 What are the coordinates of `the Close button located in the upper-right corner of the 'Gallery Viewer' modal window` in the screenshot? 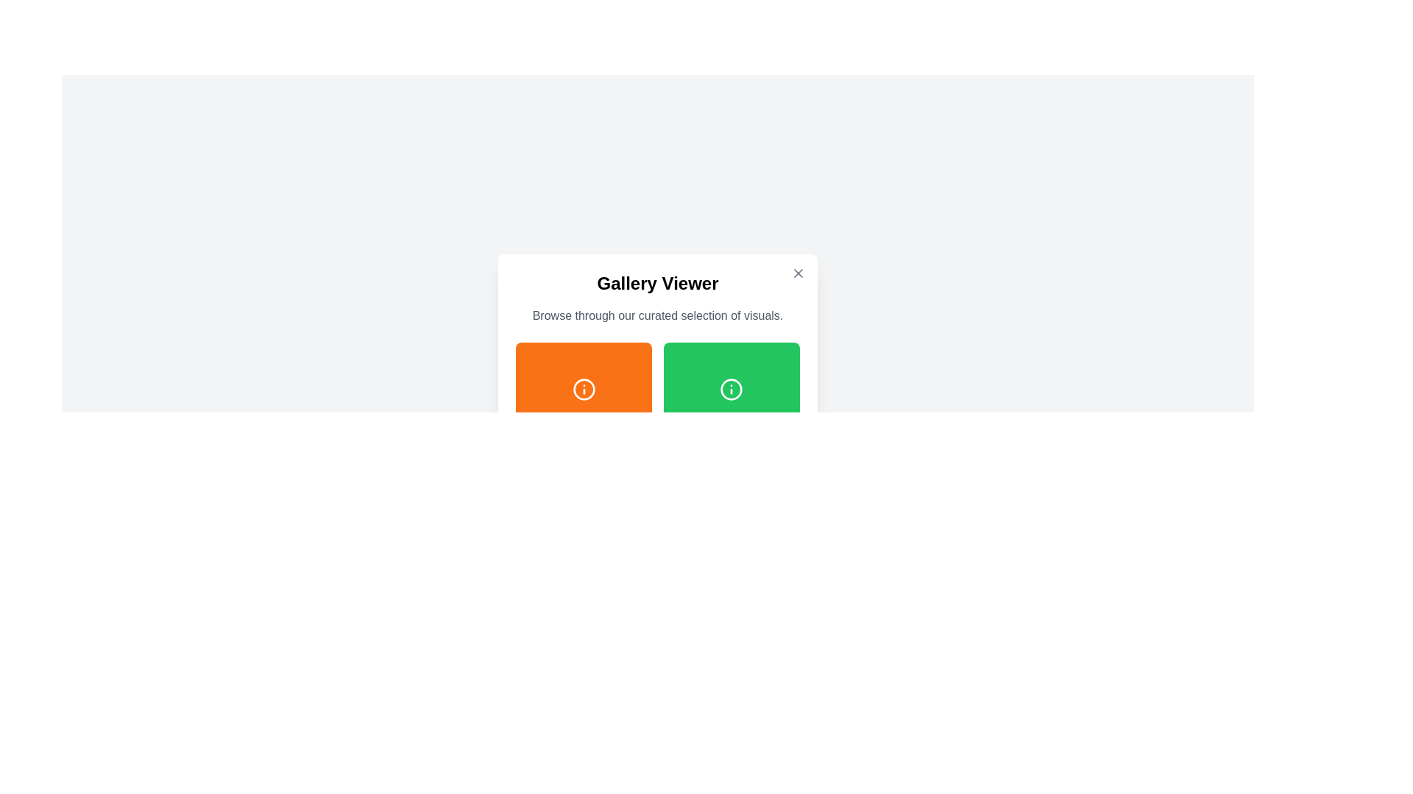 It's located at (797, 273).